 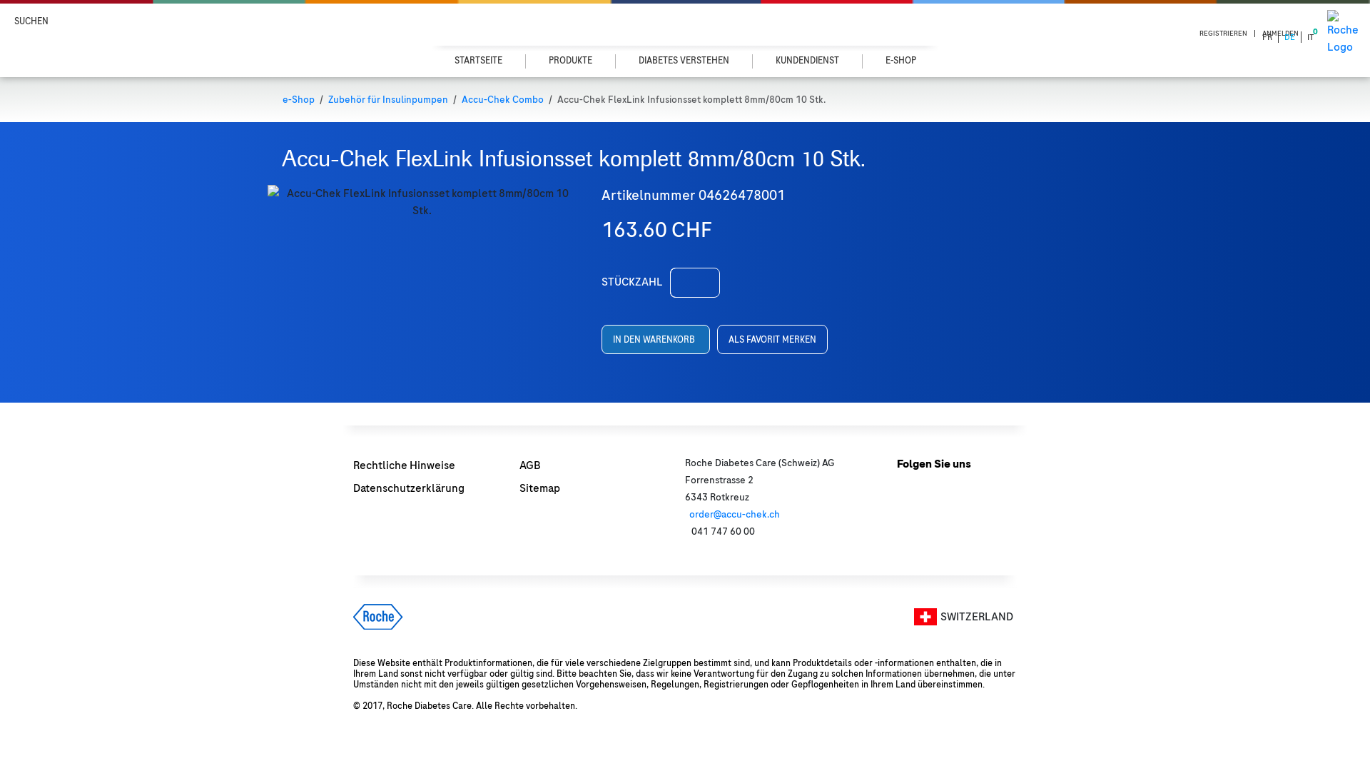 I want to click on 'STARTSEITE', so click(x=478, y=60).